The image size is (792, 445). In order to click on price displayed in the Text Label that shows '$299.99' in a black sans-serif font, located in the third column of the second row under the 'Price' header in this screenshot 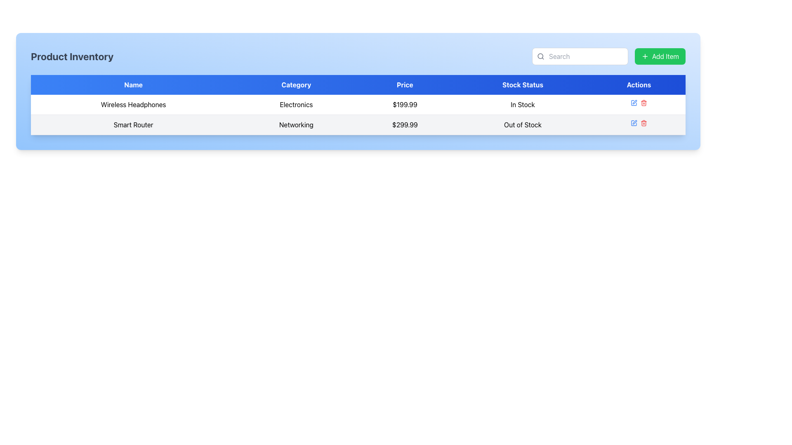, I will do `click(405, 125)`.